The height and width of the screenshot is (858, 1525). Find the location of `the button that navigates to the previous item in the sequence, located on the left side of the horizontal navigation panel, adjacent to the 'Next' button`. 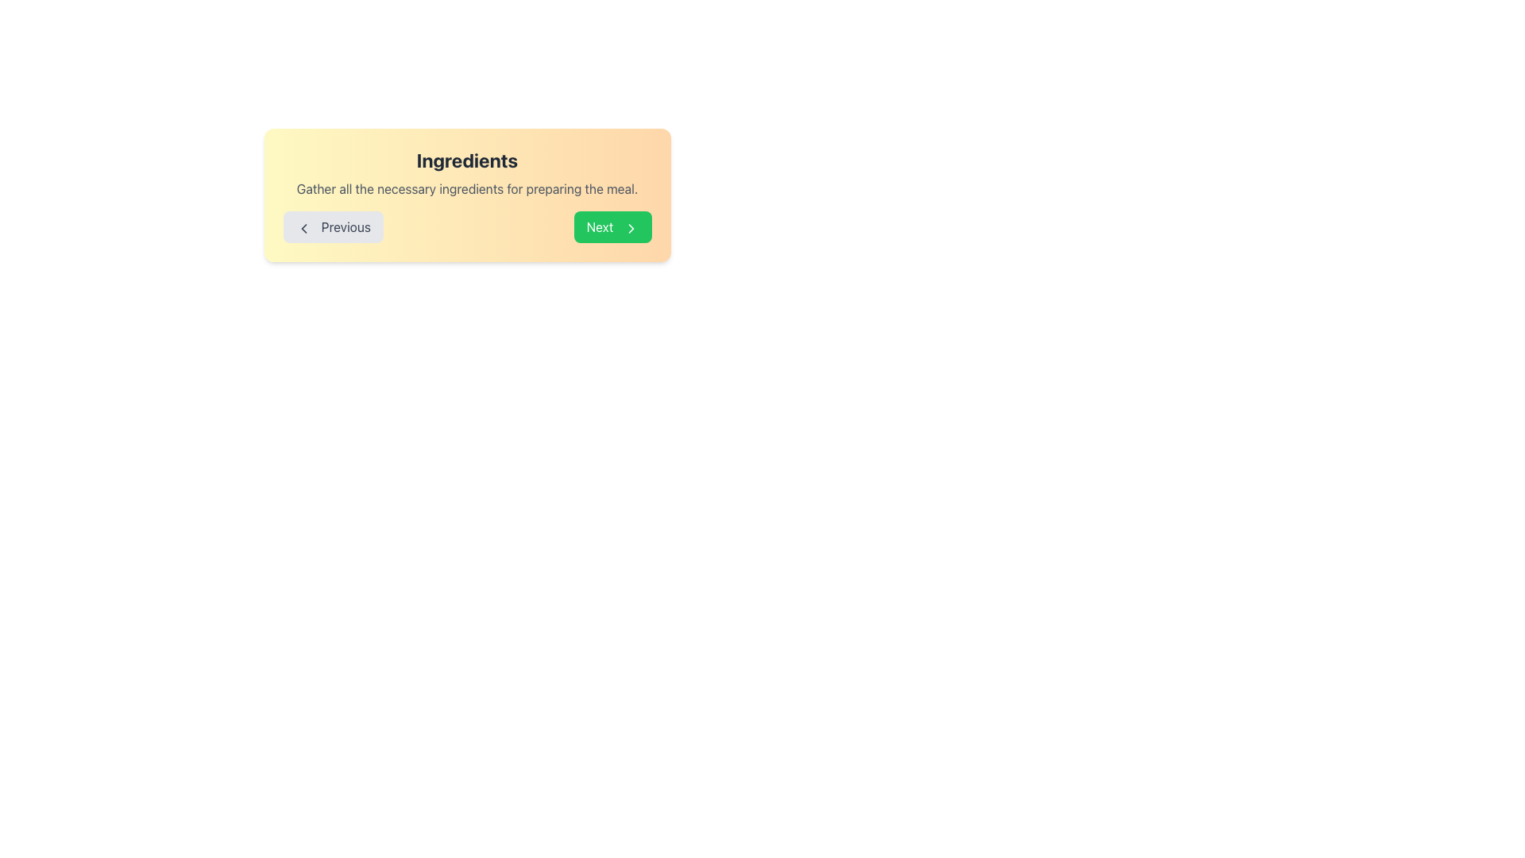

the button that navigates to the previous item in the sequence, located on the left side of the horizontal navigation panel, adjacent to the 'Next' button is located at coordinates (332, 226).